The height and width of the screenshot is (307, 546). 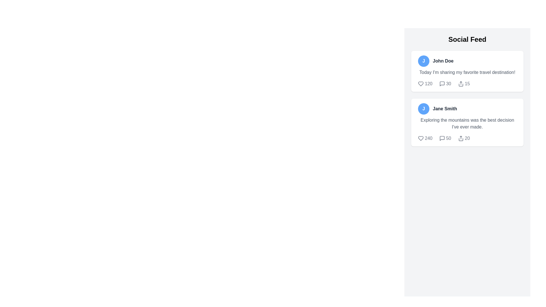 I want to click on displayed value showing the count of likes for the post by 'John Doe', located to the right of the heart-like icon, so click(x=429, y=84).